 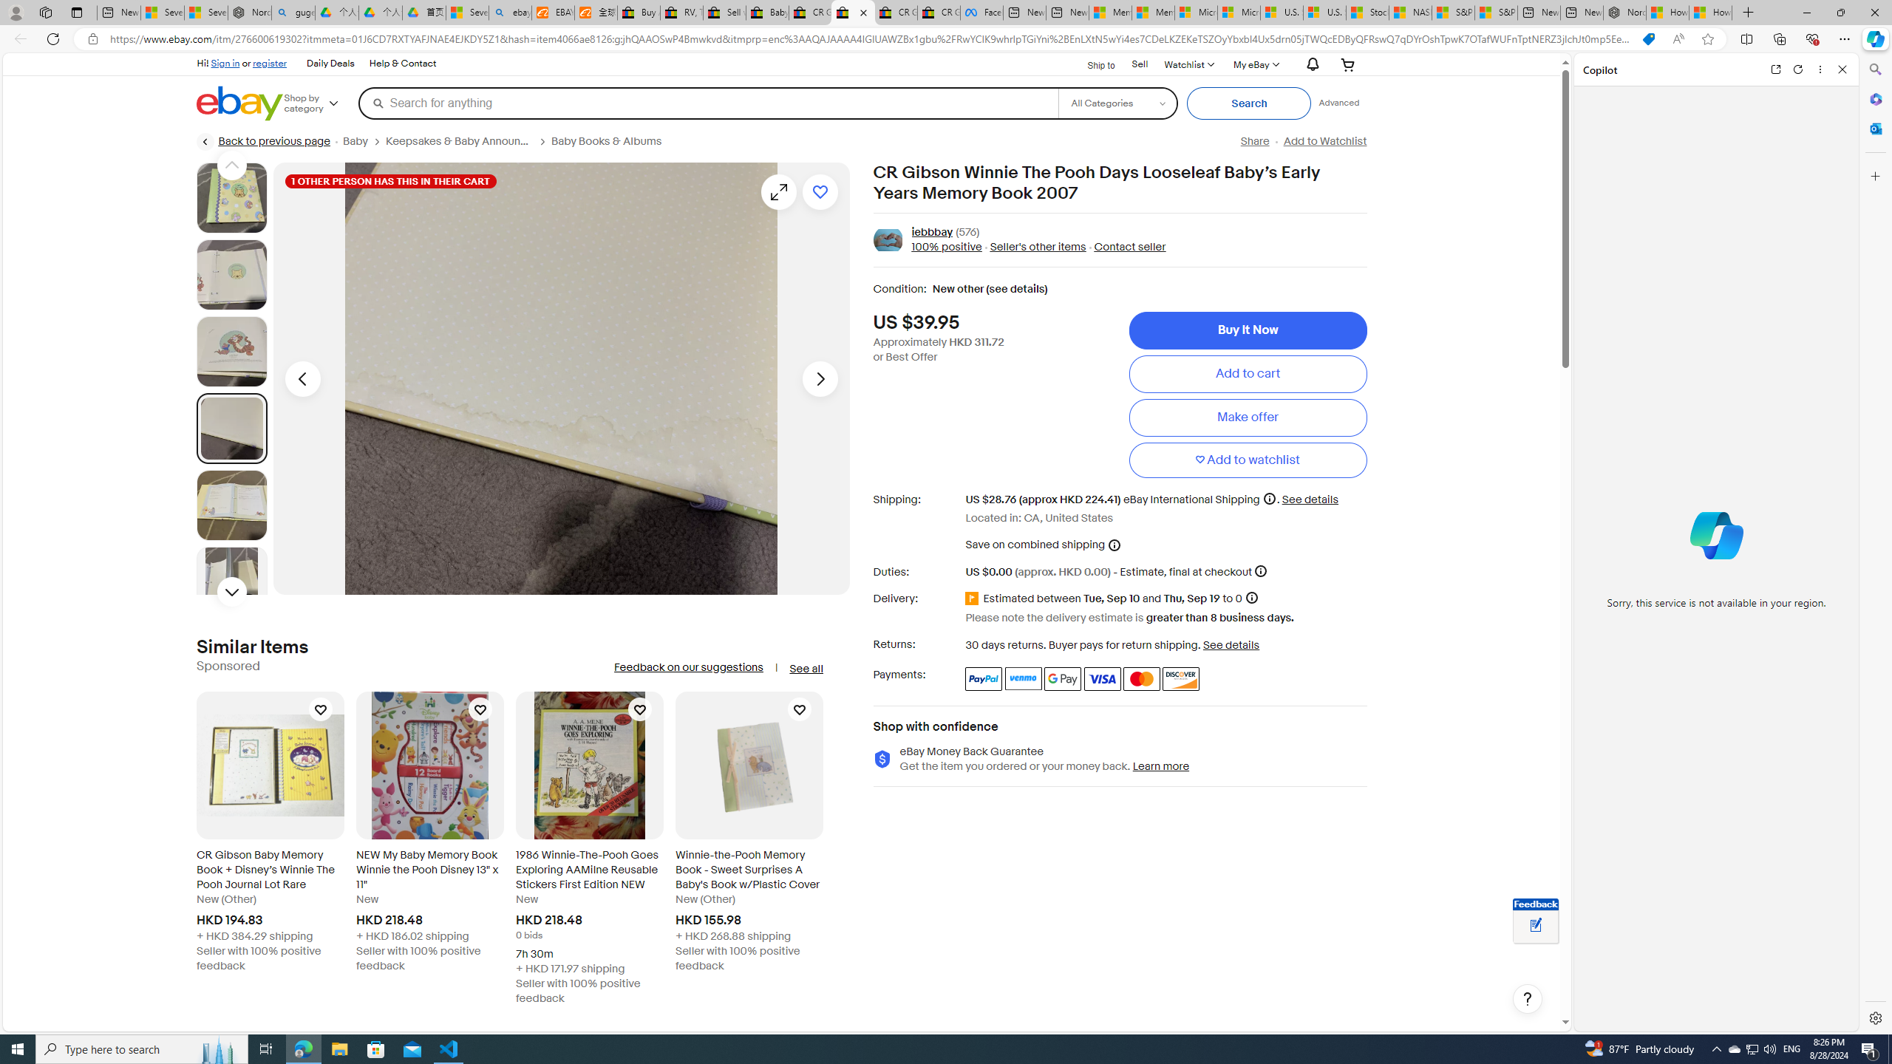 What do you see at coordinates (231, 582) in the screenshot?
I see `'Picture 6 of 22'` at bounding box center [231, 582].